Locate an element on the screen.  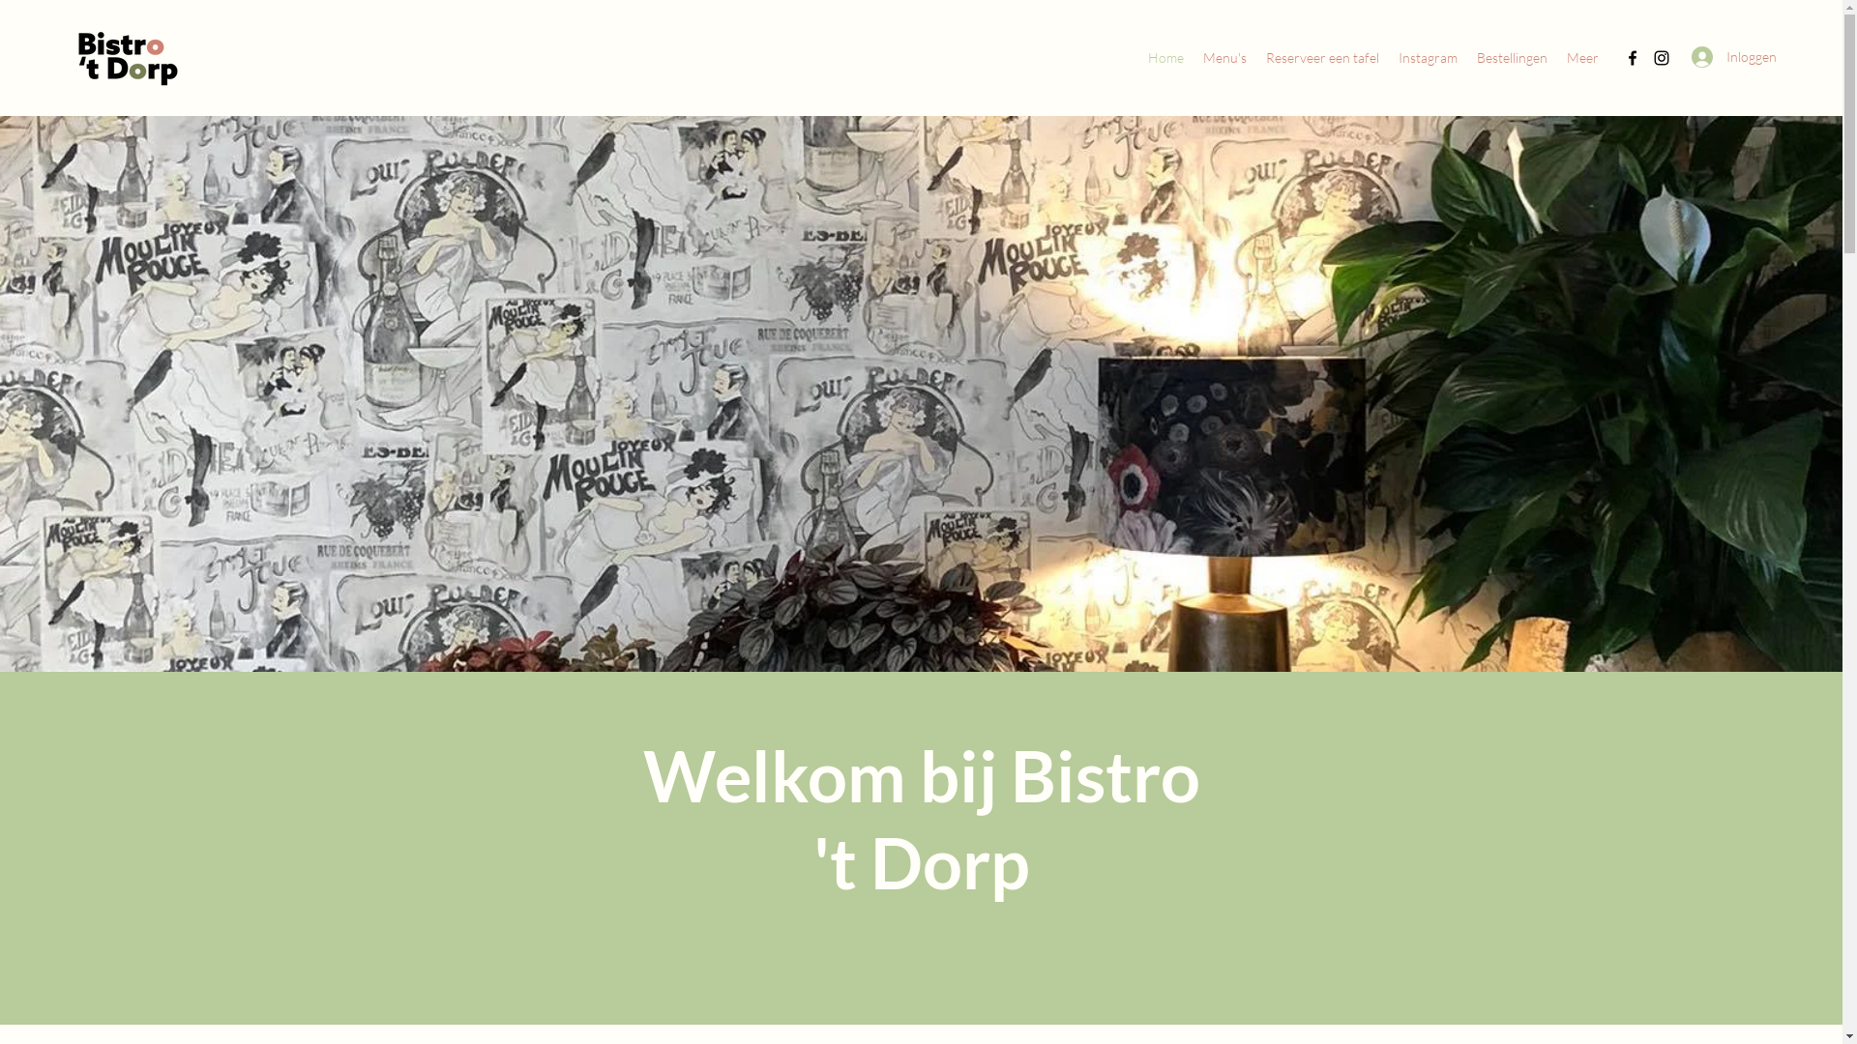
'Reserveer een tafel' is located at coordinates (1321, 57).